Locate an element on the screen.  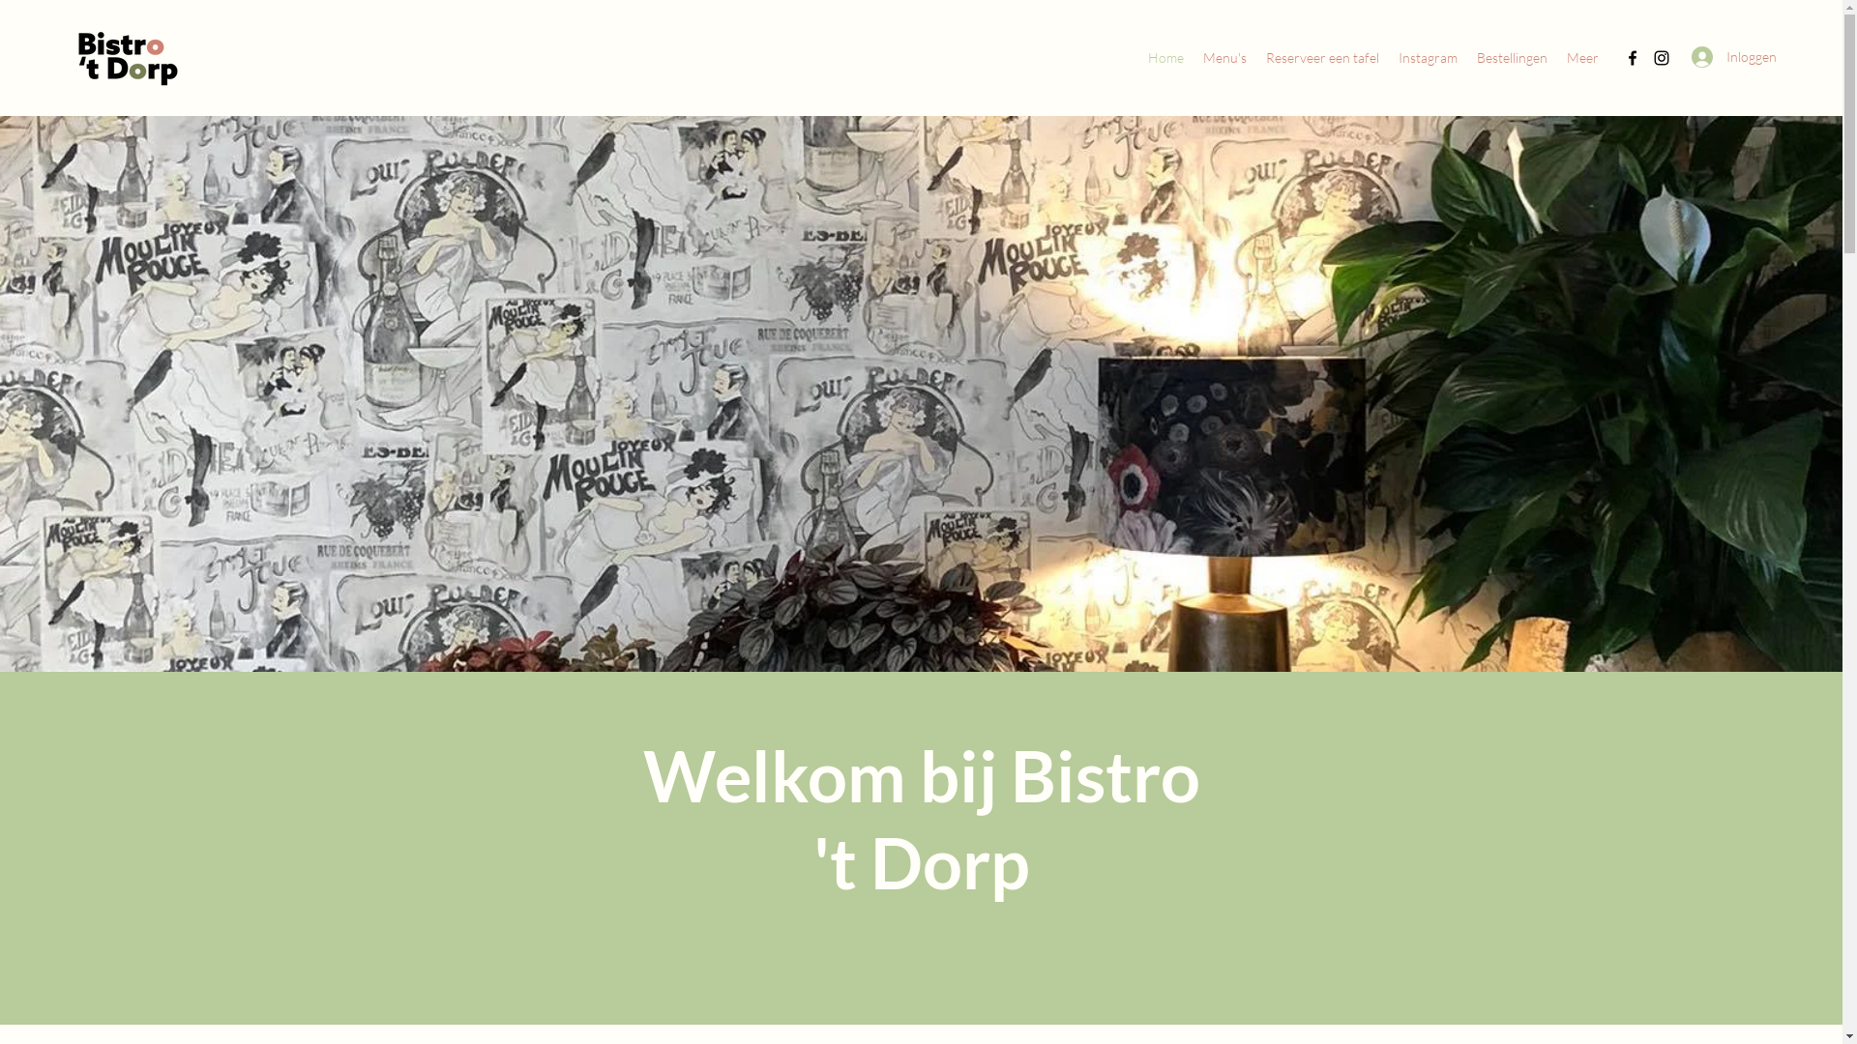
'Reserveer een tafel' is located at coordinates (1321, 57).